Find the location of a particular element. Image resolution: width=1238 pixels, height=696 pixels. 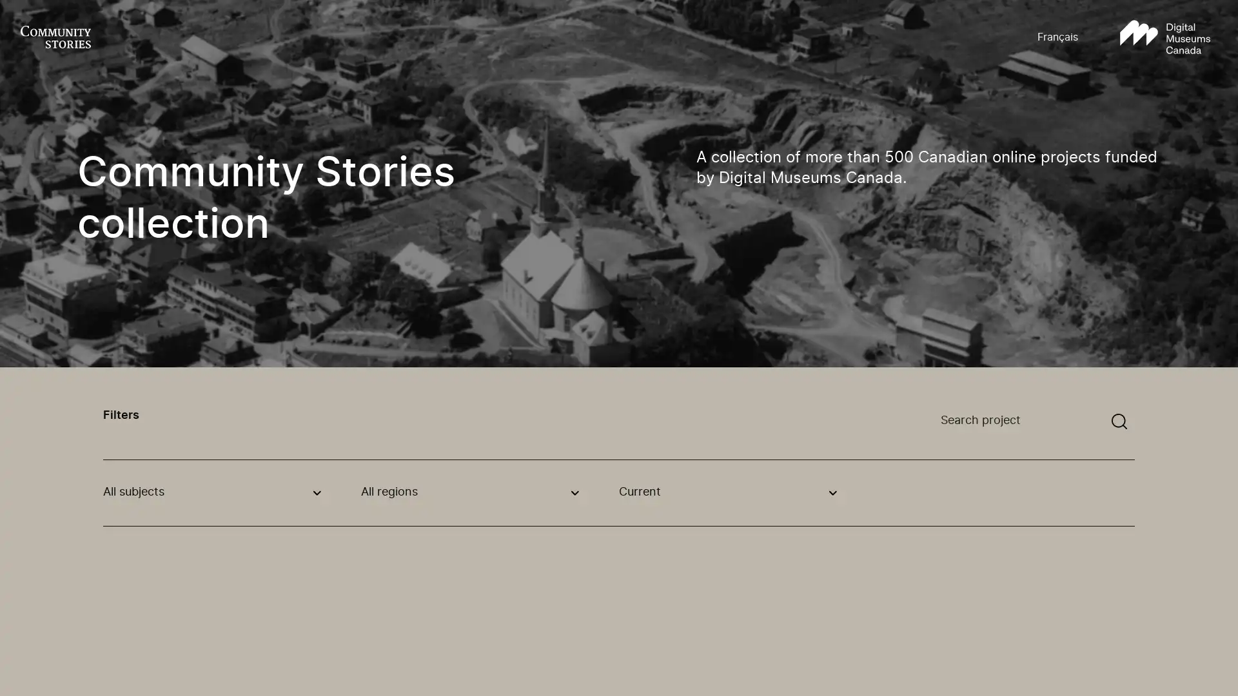

Go to Digital Museums Canada website is located at coordinates (1164, 37).